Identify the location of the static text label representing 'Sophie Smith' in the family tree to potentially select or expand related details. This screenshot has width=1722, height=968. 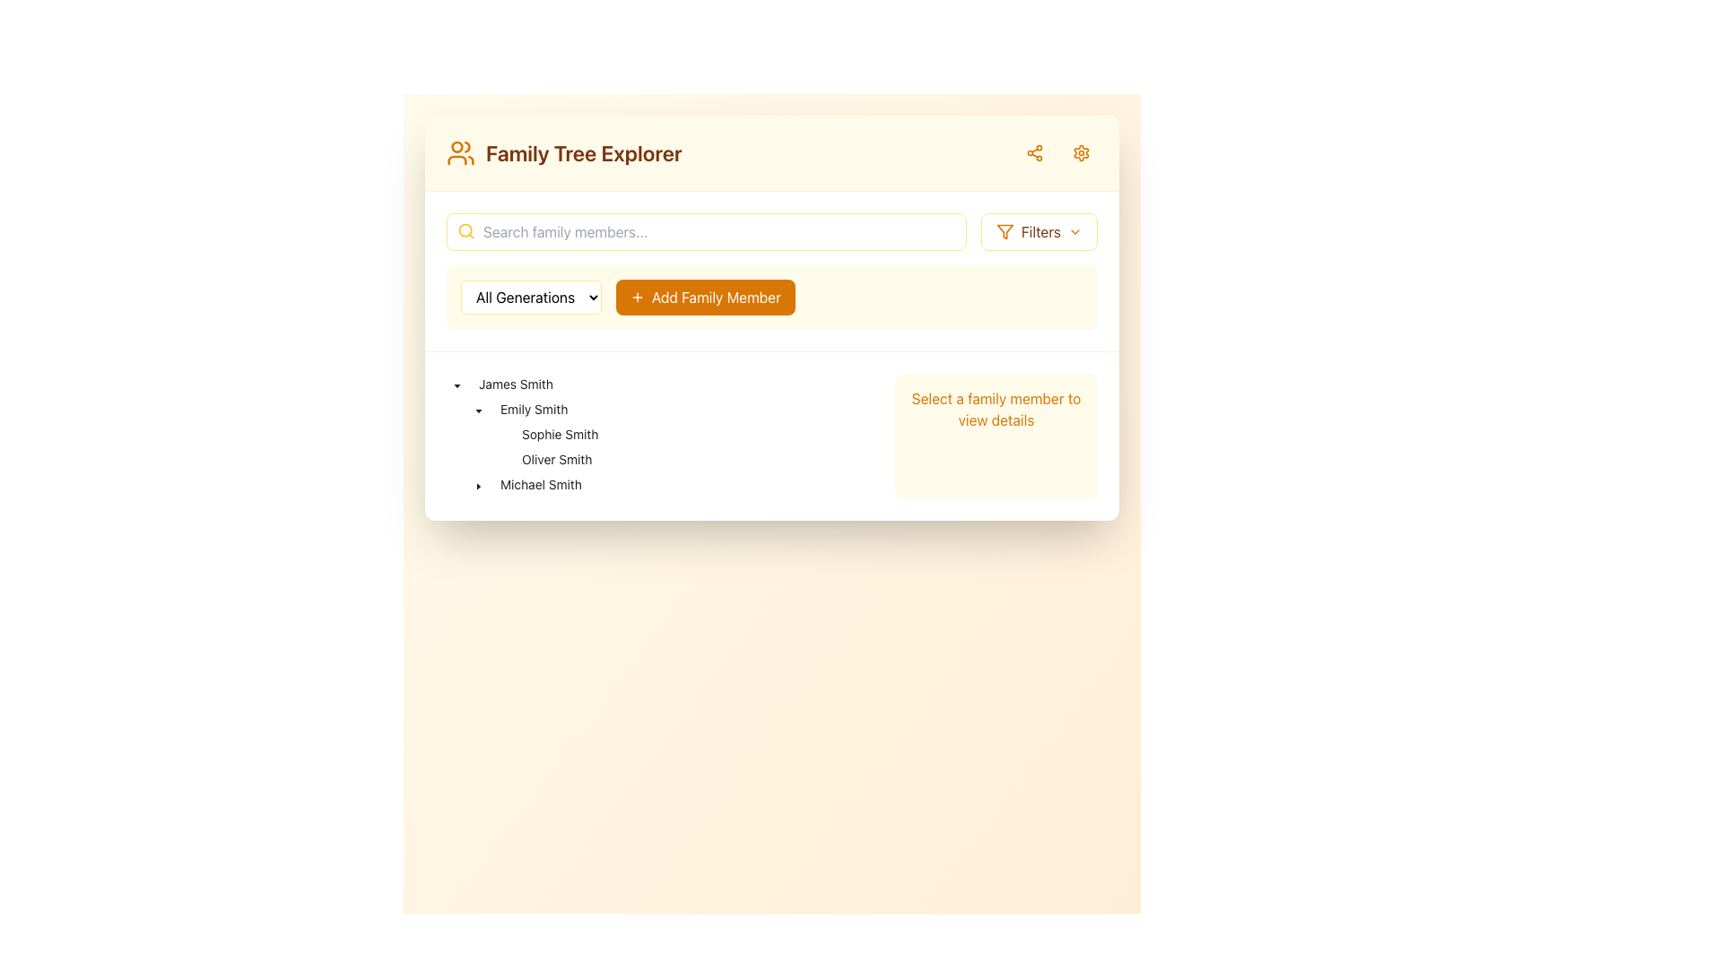
(559, 434).